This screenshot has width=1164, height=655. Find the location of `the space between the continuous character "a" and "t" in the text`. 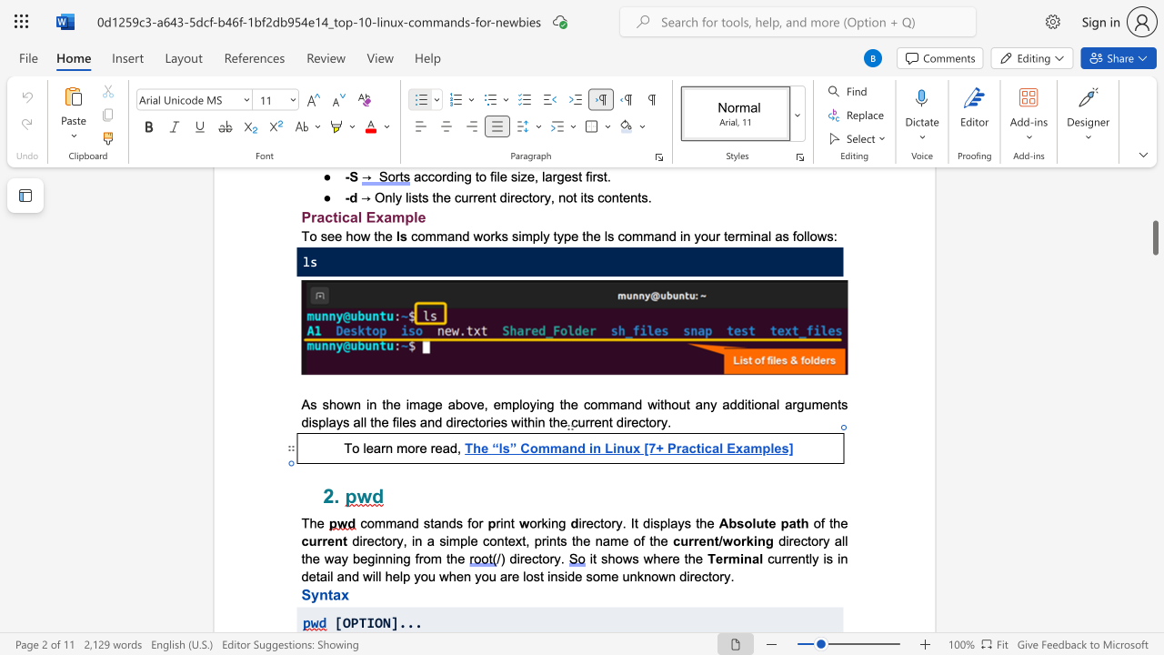

the space between the continuous character "a" and "t" in the text is located at coordinates (795, 523).